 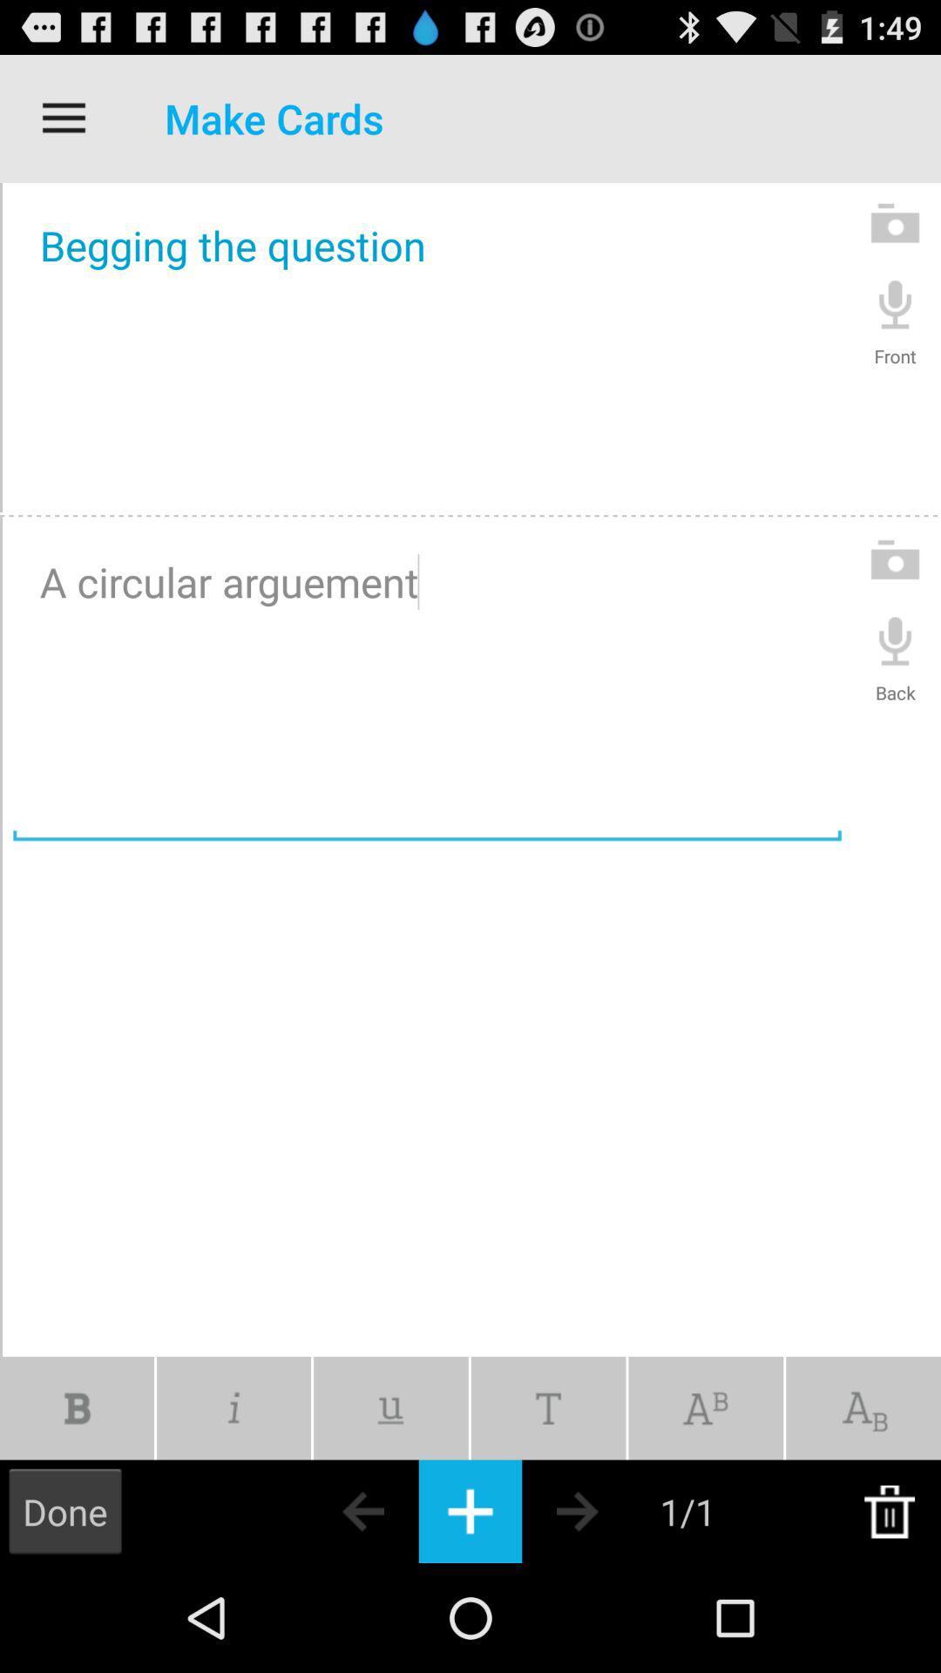 What do you see at coordinates (706, 1408) in the screenshot?
I see `superscript text` at bounding box center [706, 1408].